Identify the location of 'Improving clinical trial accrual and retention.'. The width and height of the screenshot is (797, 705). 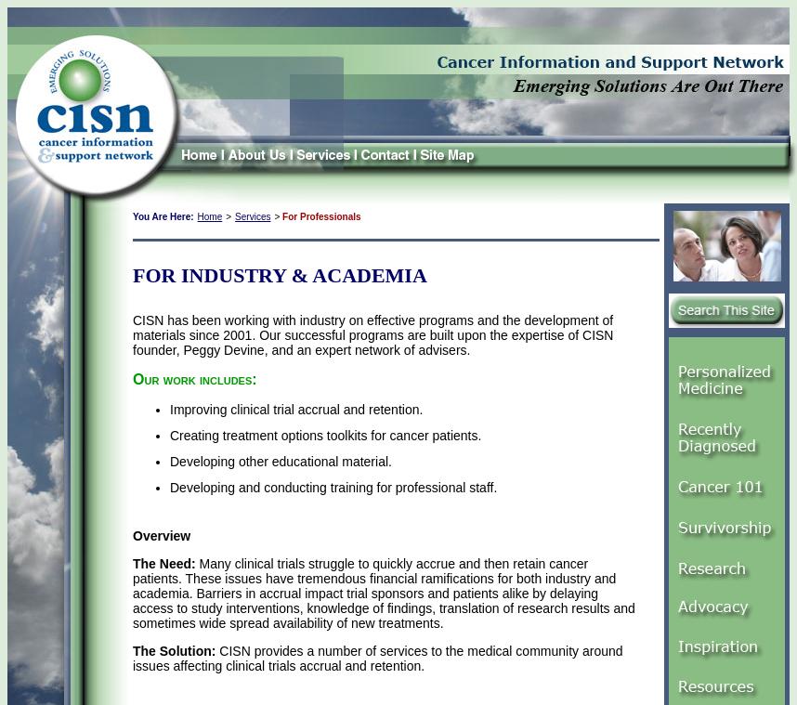
(295, 409).